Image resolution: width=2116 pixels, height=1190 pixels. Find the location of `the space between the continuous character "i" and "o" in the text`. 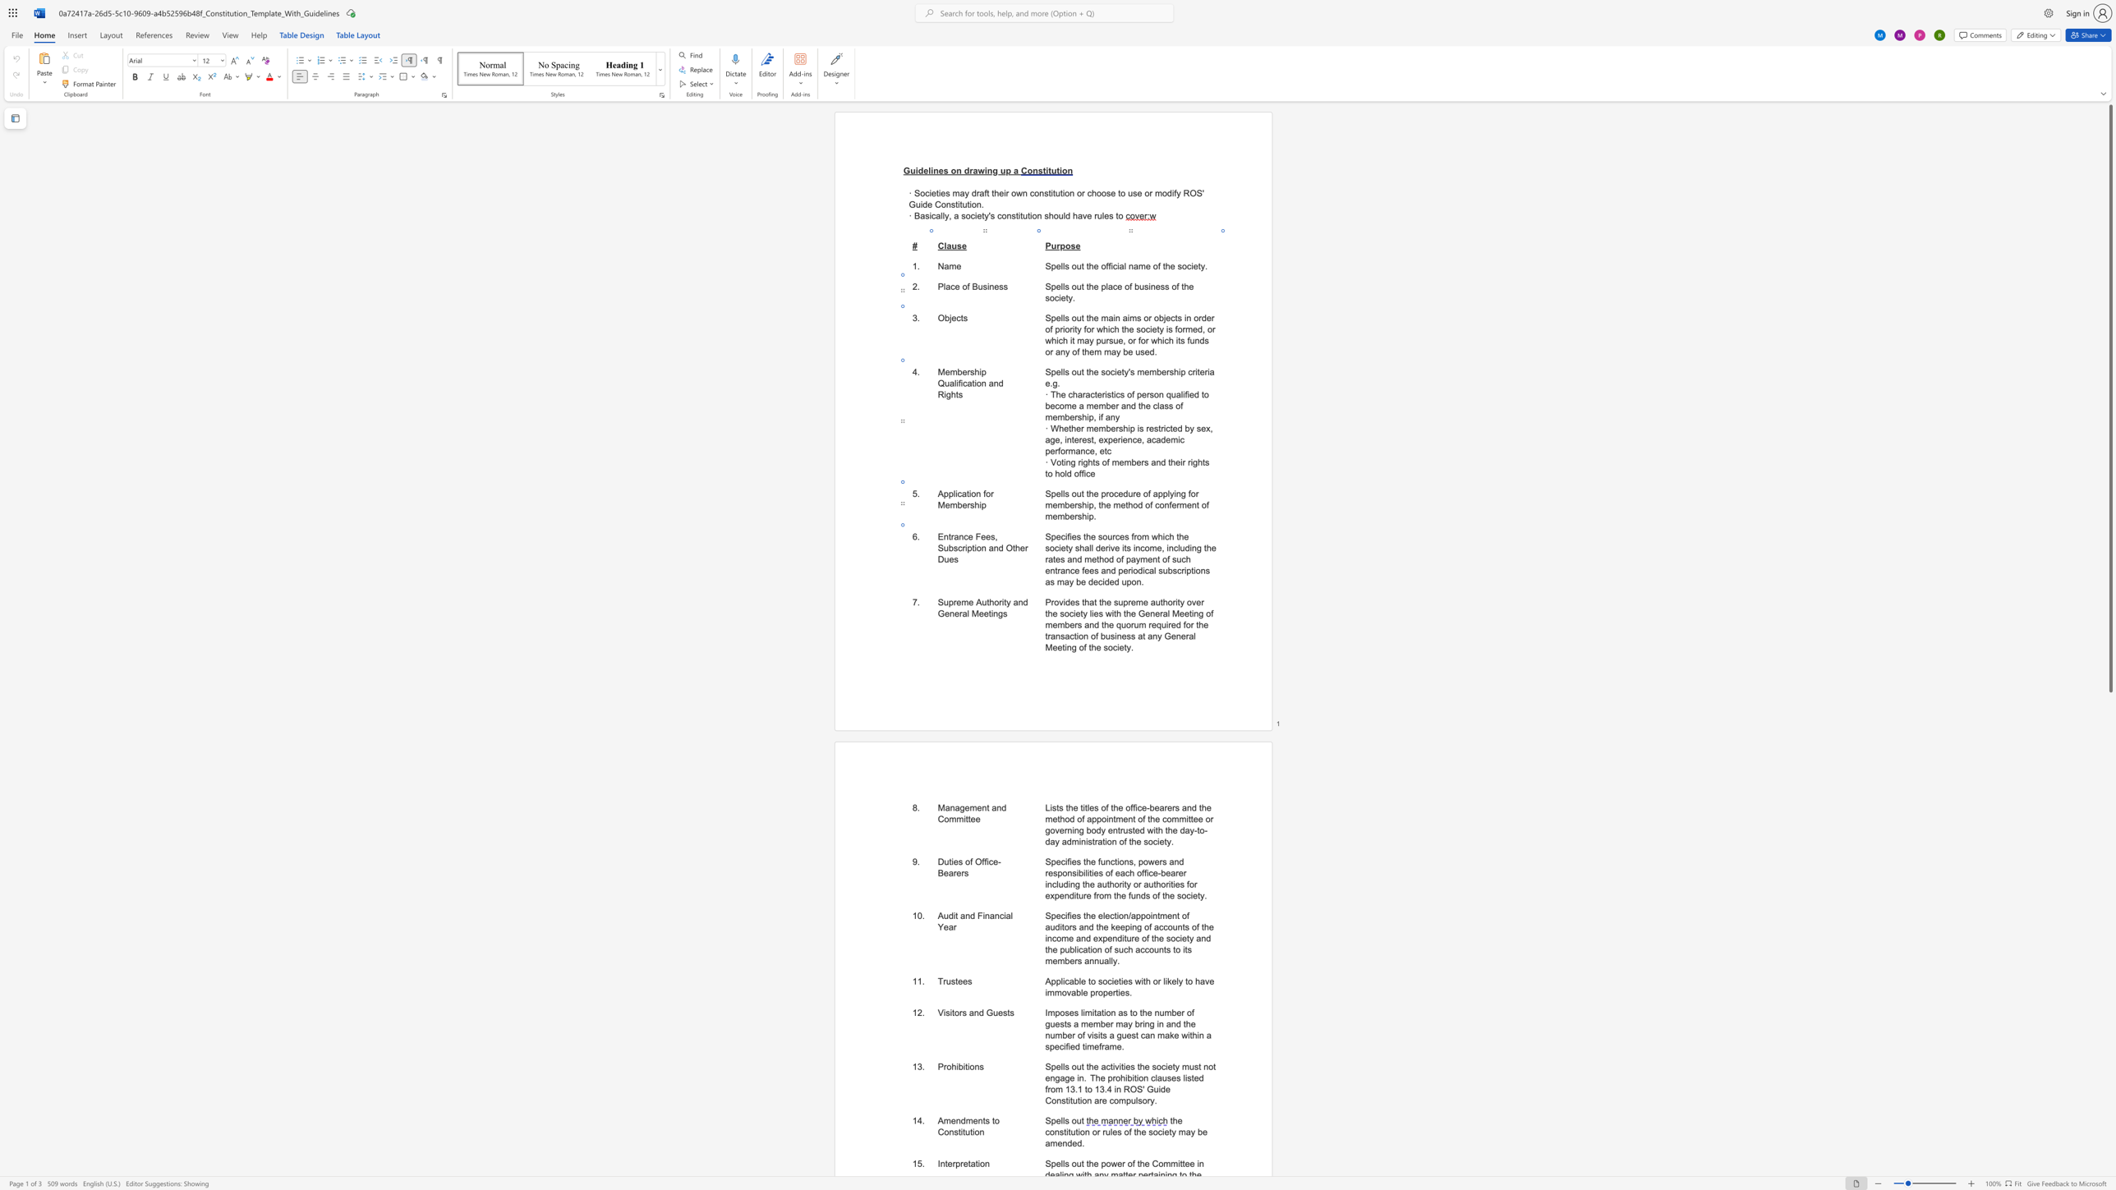

the space between the continuous character "i" and "o" in the text is located at coordinates (975, 1132).